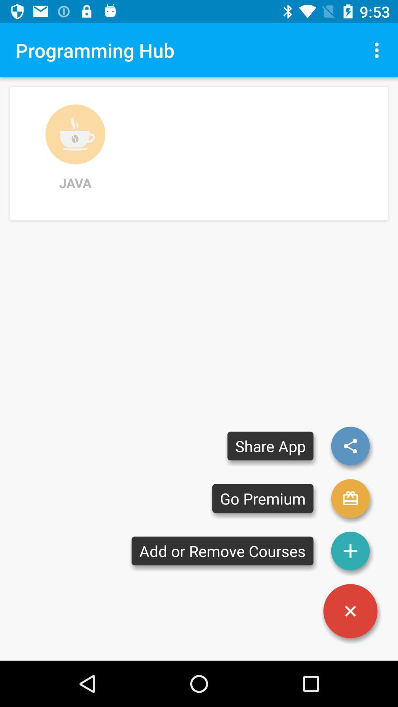 The image size is (398, 707). What do you see at coordinates (350, 446) in the screenshot?
I see `the share icon` at bounding box center [350, 446].